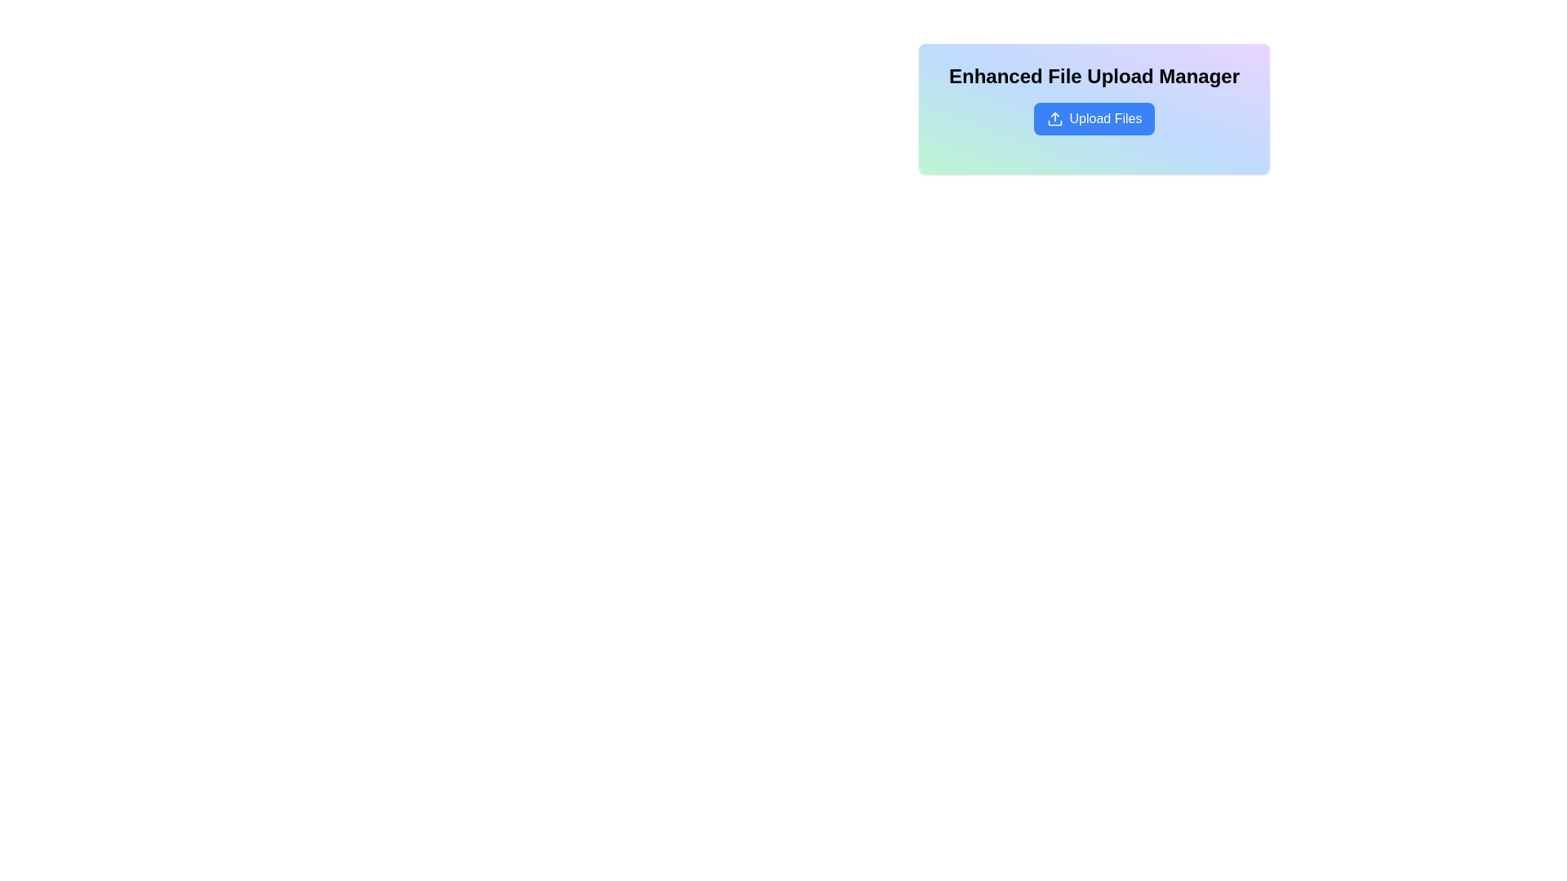 The image size is (1567, 881). I want to click on the upload icon, which is a minimalistic white arrow pointing upwards into a tray, located to the left of the 'Upload Files' text within the blue button, so click(1054, 118).